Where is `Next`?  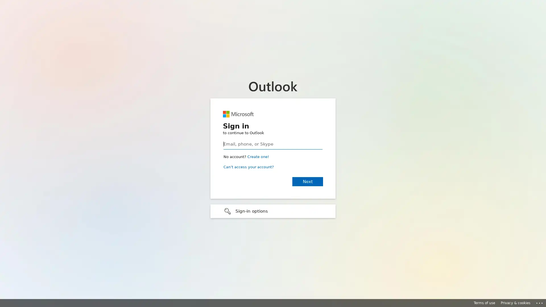 Next is located at coordinates (307, 181).